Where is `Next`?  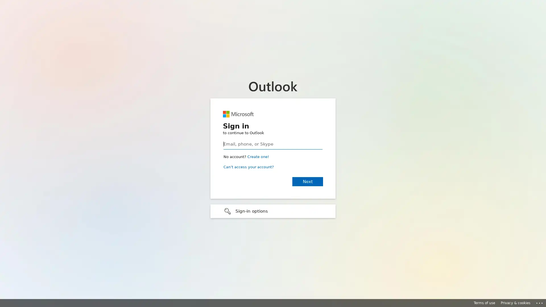 Next is located at coordinates (307, 181).